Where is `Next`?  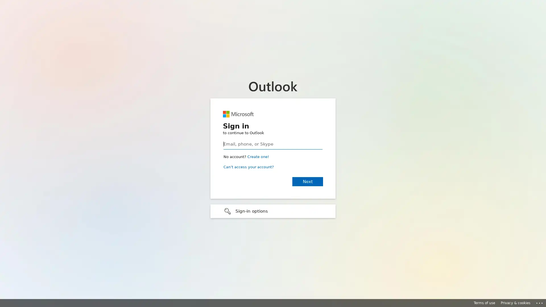 Next is located at coordinates (307, 181).